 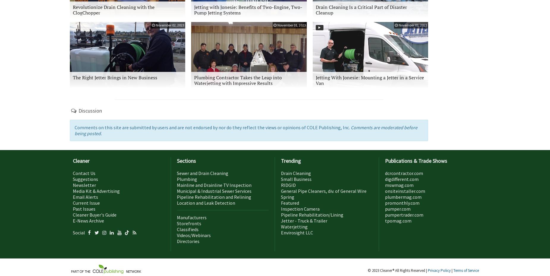 What do you see at coordinates (188, 228) in the screenshot?
I see `'Classifieds'` at bounding box center [188, 228].